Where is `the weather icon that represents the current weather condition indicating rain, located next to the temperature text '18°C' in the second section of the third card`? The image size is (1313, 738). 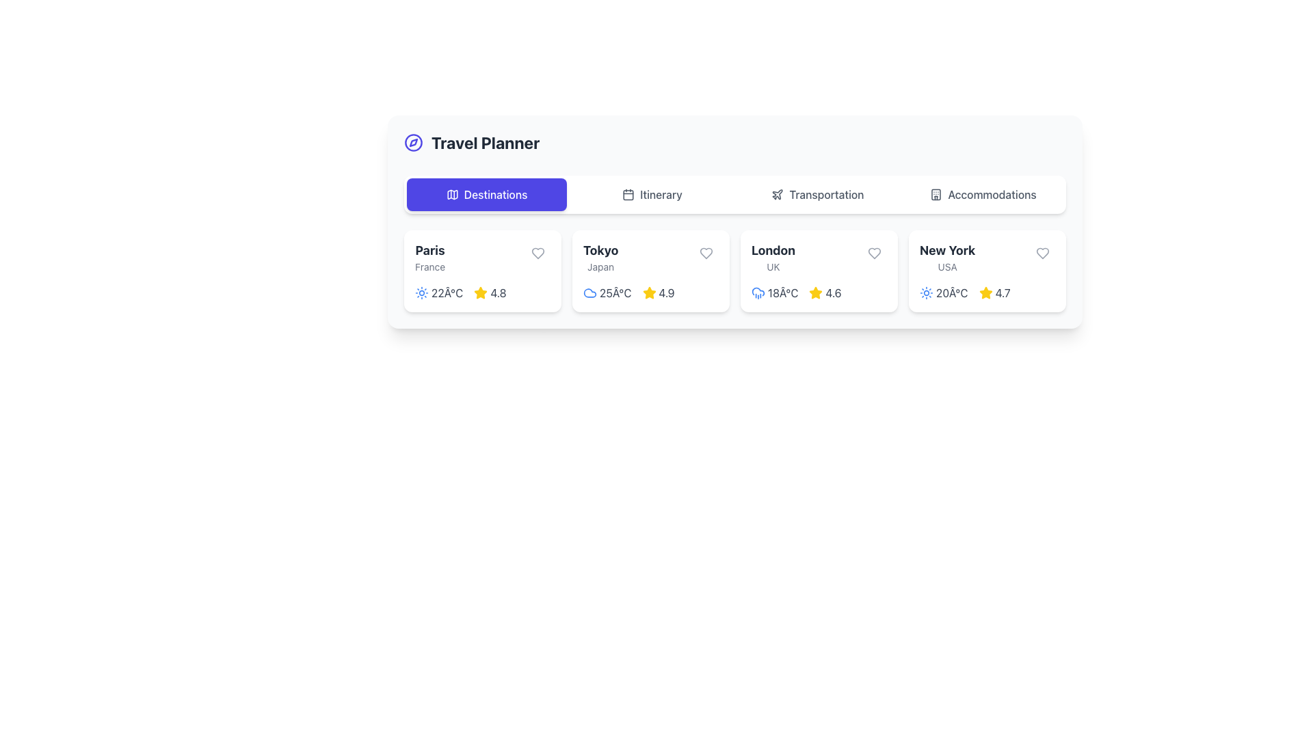 the weather icon that represents the current weather condition indicating rain, located next to the temperature text '18°C' in the second section of the third card is located at coordinates (757, 292).